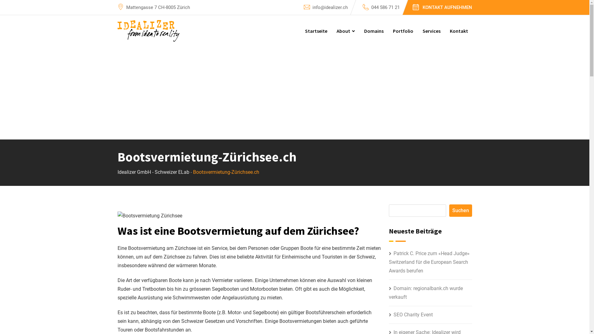 This screenshot has width=594, height=334. Describe the element at coordinates (431, 31) in the screenshot. I see `'Services'` at that location.